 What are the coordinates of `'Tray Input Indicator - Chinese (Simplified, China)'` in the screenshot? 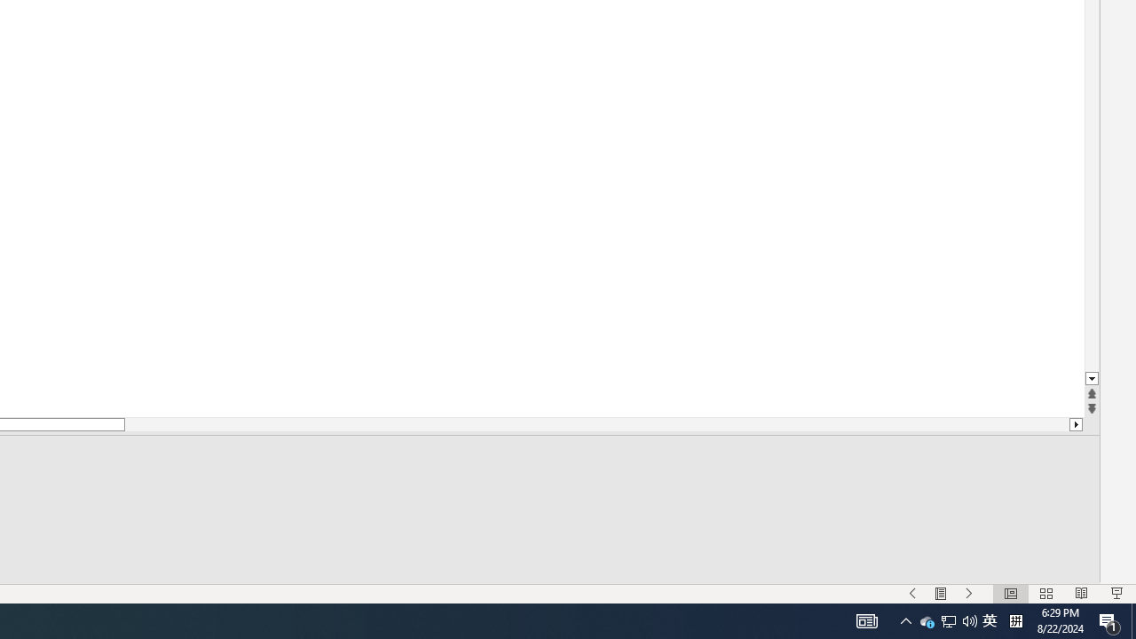 It's located at (989, 619).